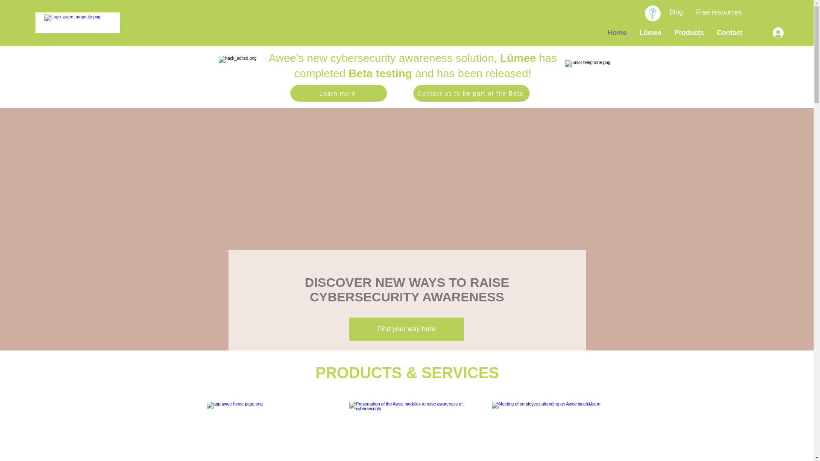 Image resolution: width=820 pixels, height=461 pixels. Describe the element at coordinates (406, 329) in the screenshot. I see `'Find your way here'` at that location.